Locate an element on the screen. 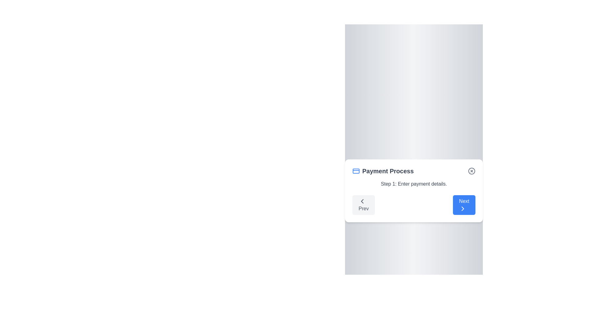 Image resolution: width=592 pixels, height=333 pixels. text from the static label that informs the user about the current step in the payment process, positioned below the 'Payment Process' header and above the 'Prev' and 'Next' buttons is located at coordinates (414, 184).